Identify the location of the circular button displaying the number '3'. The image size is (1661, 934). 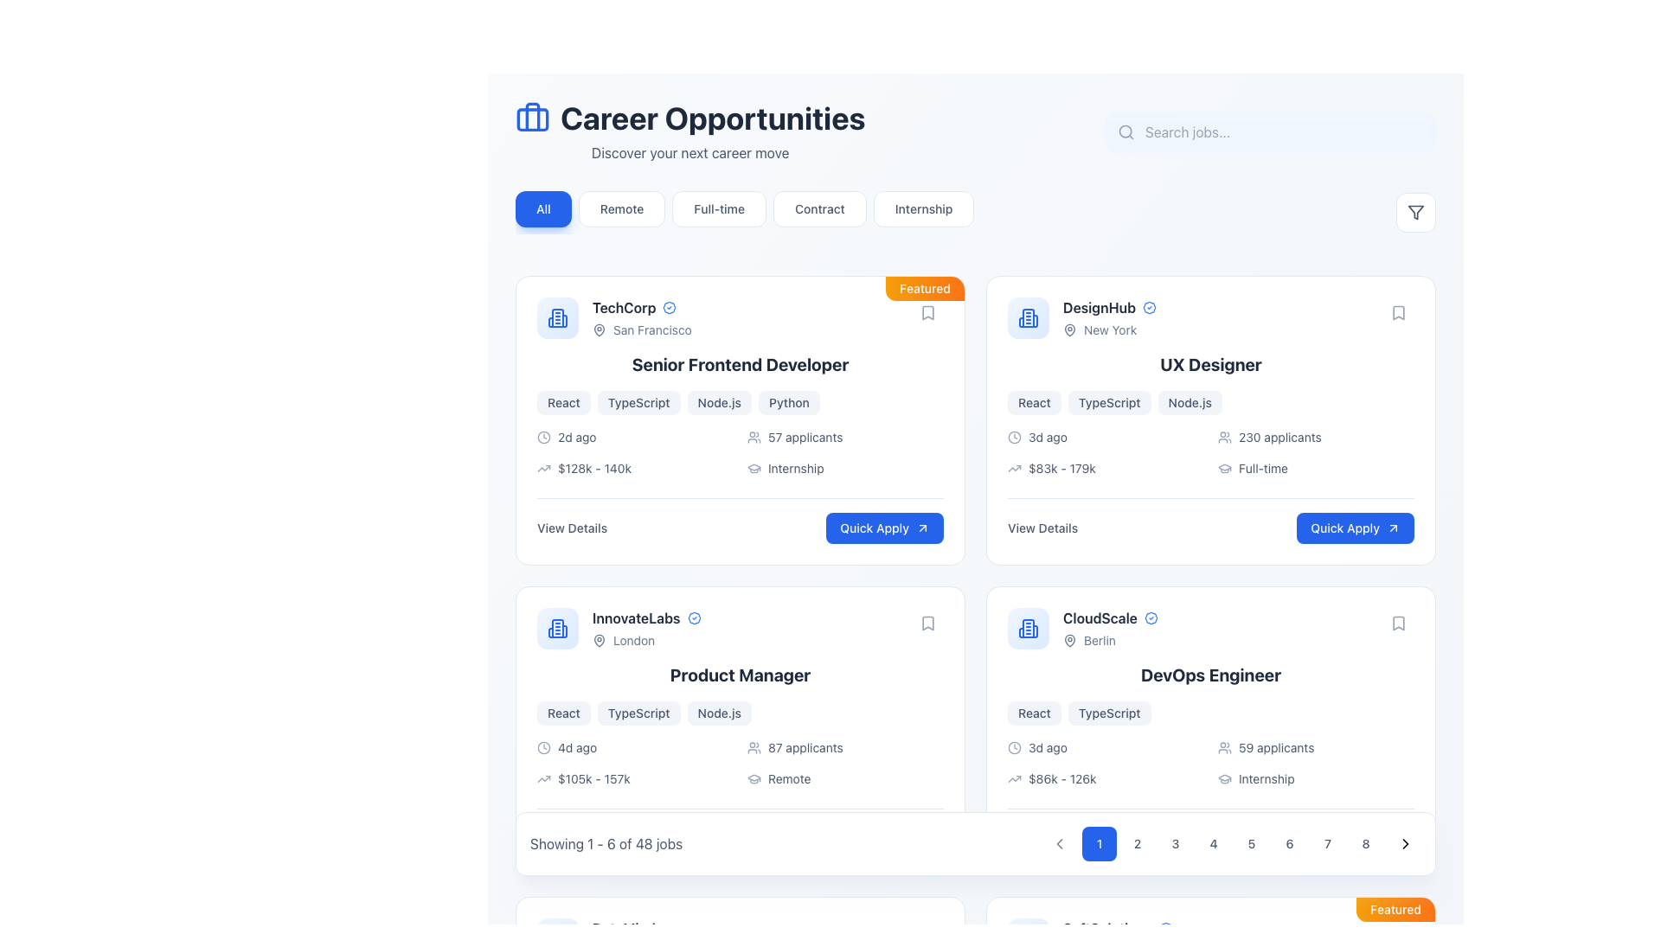
(1175, 842).